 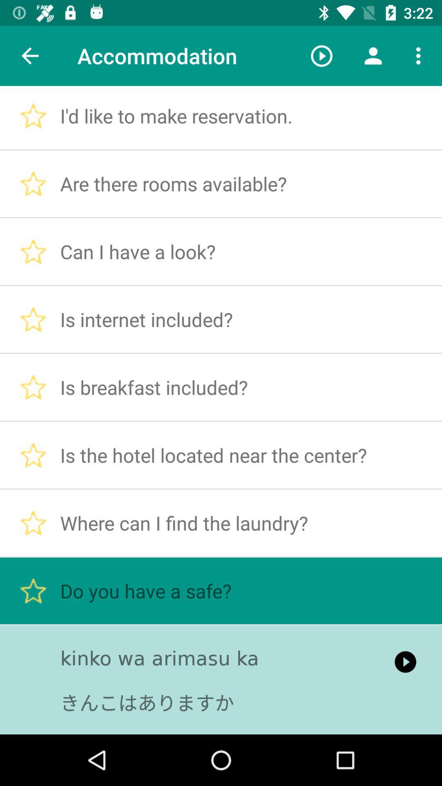 What do you see at coordinates (405, 662) in the screenshot?
I see `the icon to the right of kinko wa arimasu icon` at bounding box center [405, 662].